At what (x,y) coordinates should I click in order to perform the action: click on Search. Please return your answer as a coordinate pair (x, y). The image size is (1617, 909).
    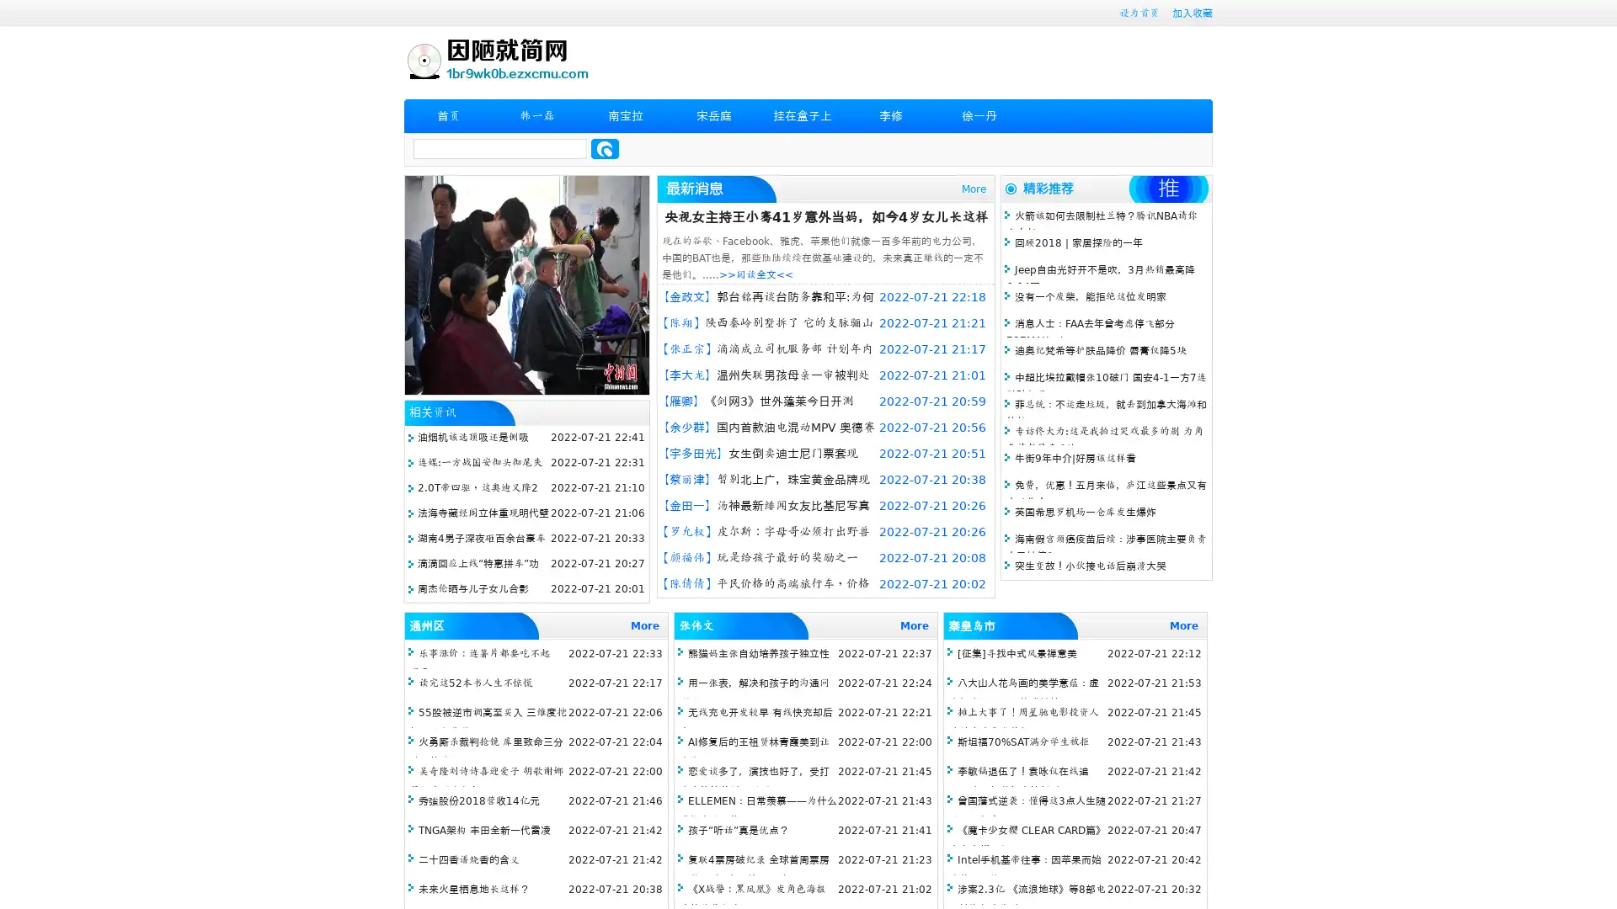
    Looking at the image, I should click on (605, 148).